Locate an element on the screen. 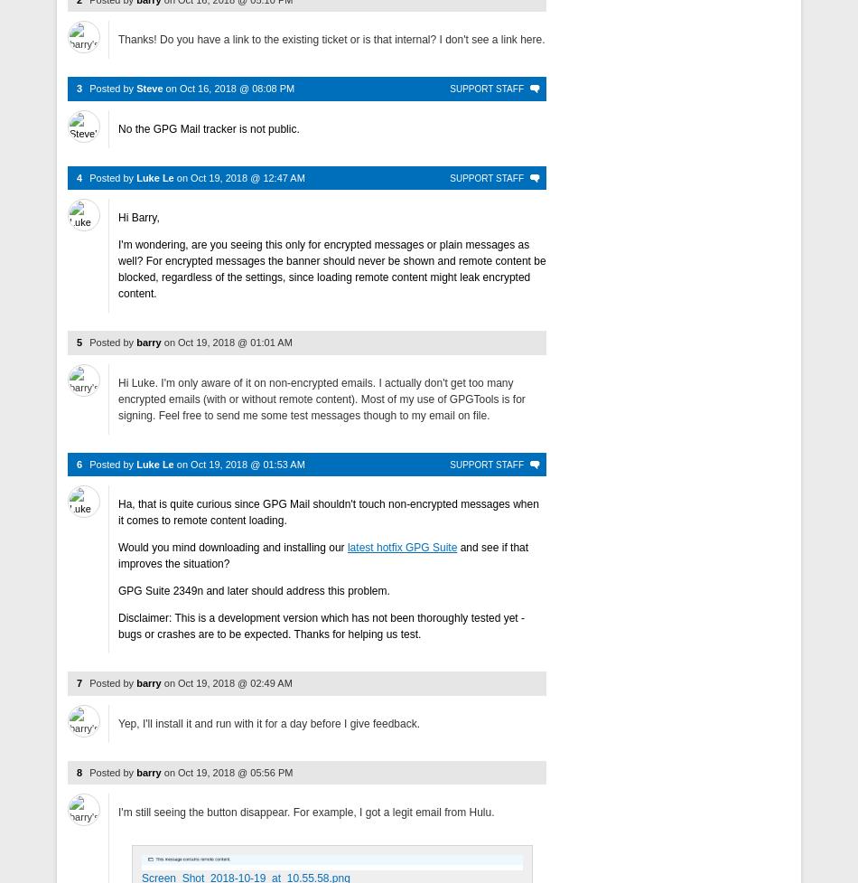 The width and height of the screenshot is (858, 883). 'Oct 19, 2018 @ 02:49 AM' is located at coordinates (234, 683).